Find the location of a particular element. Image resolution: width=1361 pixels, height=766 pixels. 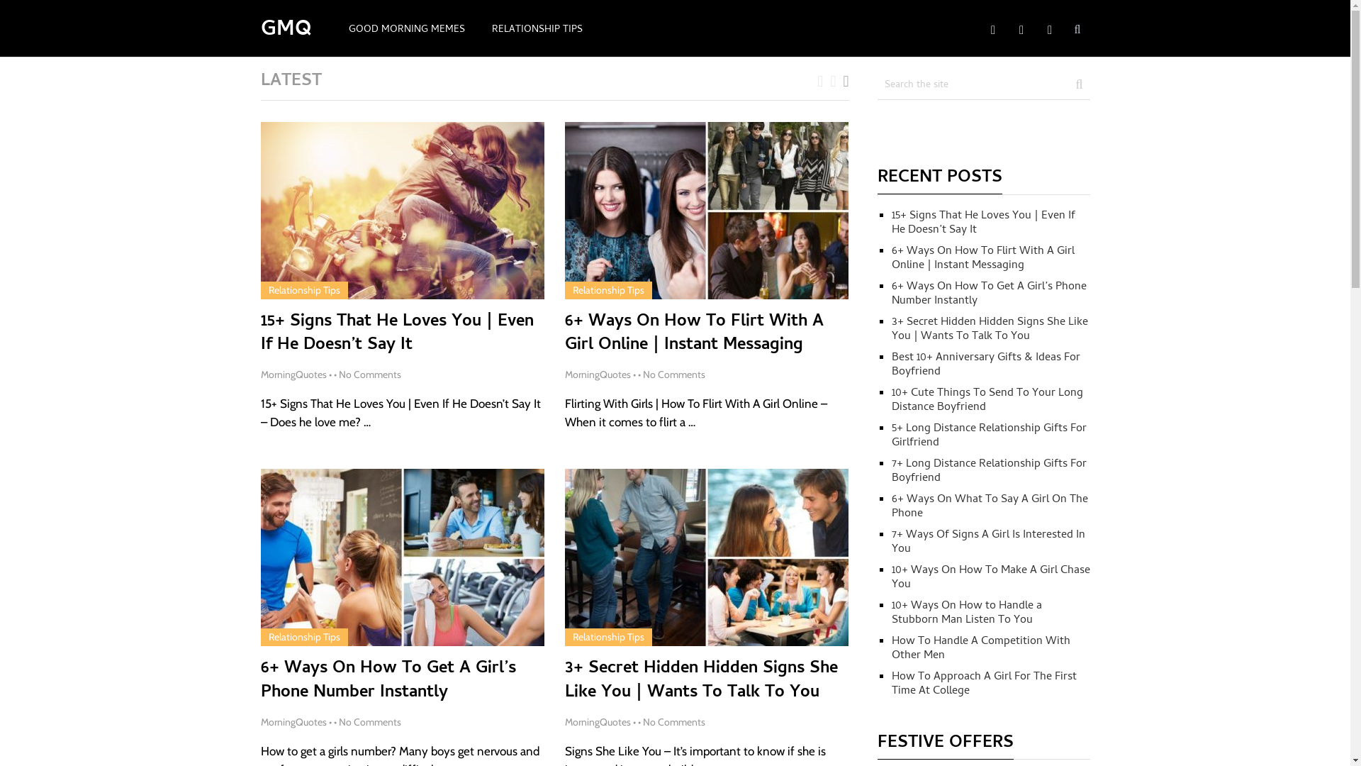

'MorningQuotes' is located at coordinates (598, 722).